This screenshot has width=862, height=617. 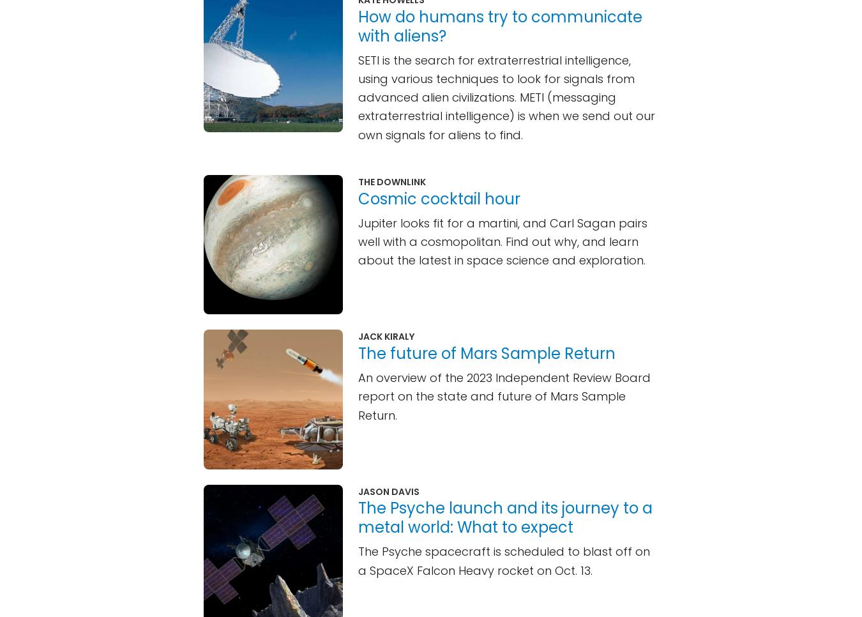 What do you see at coordinates (358, 353) in the screenshot?
I see `'The future of Mars Sample Return'` at bounding box center [358, 353].